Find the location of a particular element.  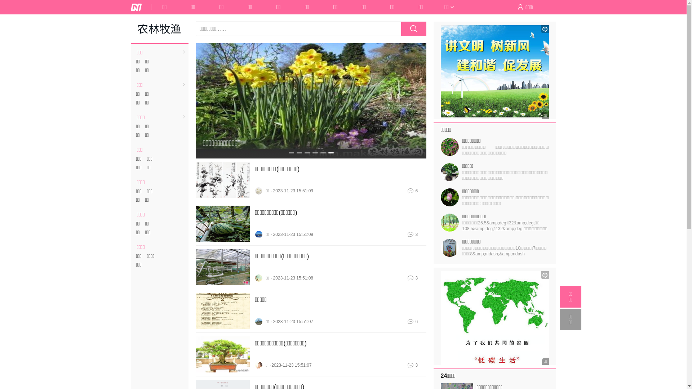

'3' is located at coordinates (417, 234).